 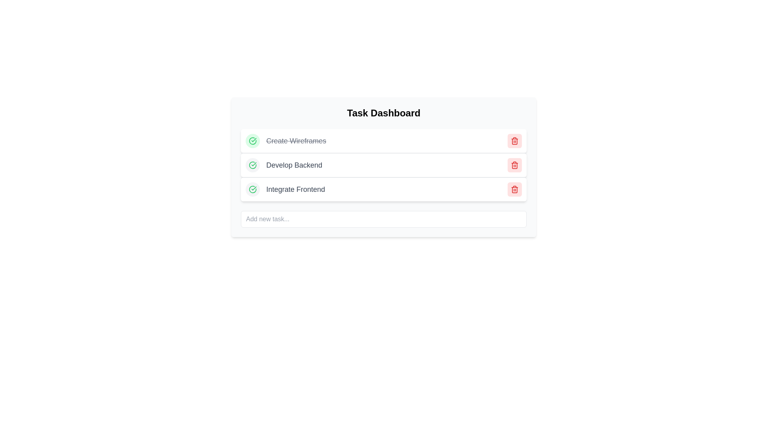 What do you see at coordinates (252, 165) in the screenshot?
I see `the Circular Button` at bounding box center [252, 165].